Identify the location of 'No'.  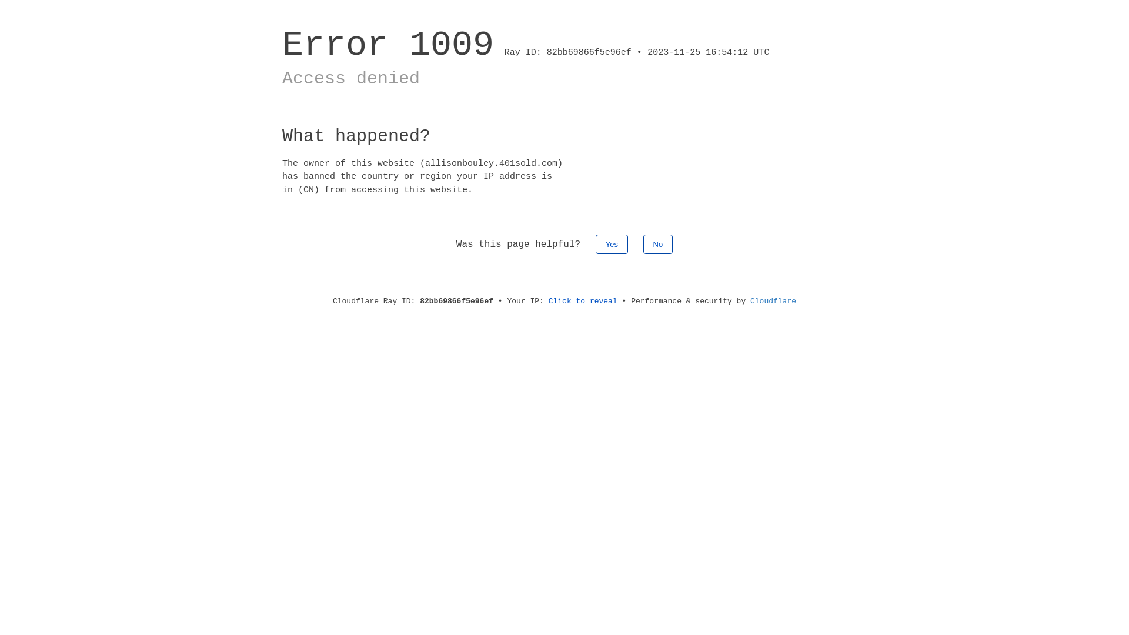
(657, 243).